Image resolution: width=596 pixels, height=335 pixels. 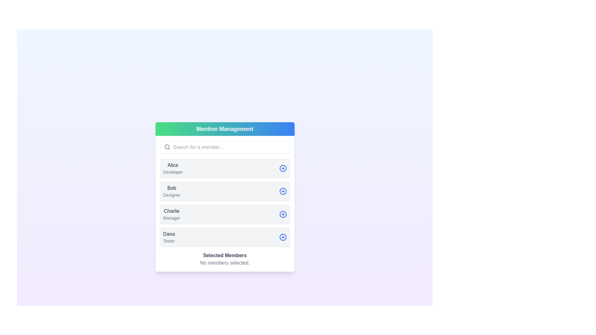 What do you see at coordinates (224, 263) in the screenshot?
I see `the static text label displaying 'No members selected.' which is located in the 'Selected Members' section, centered horizontally at the bottom of the panel` at bounding box center [224, 263].